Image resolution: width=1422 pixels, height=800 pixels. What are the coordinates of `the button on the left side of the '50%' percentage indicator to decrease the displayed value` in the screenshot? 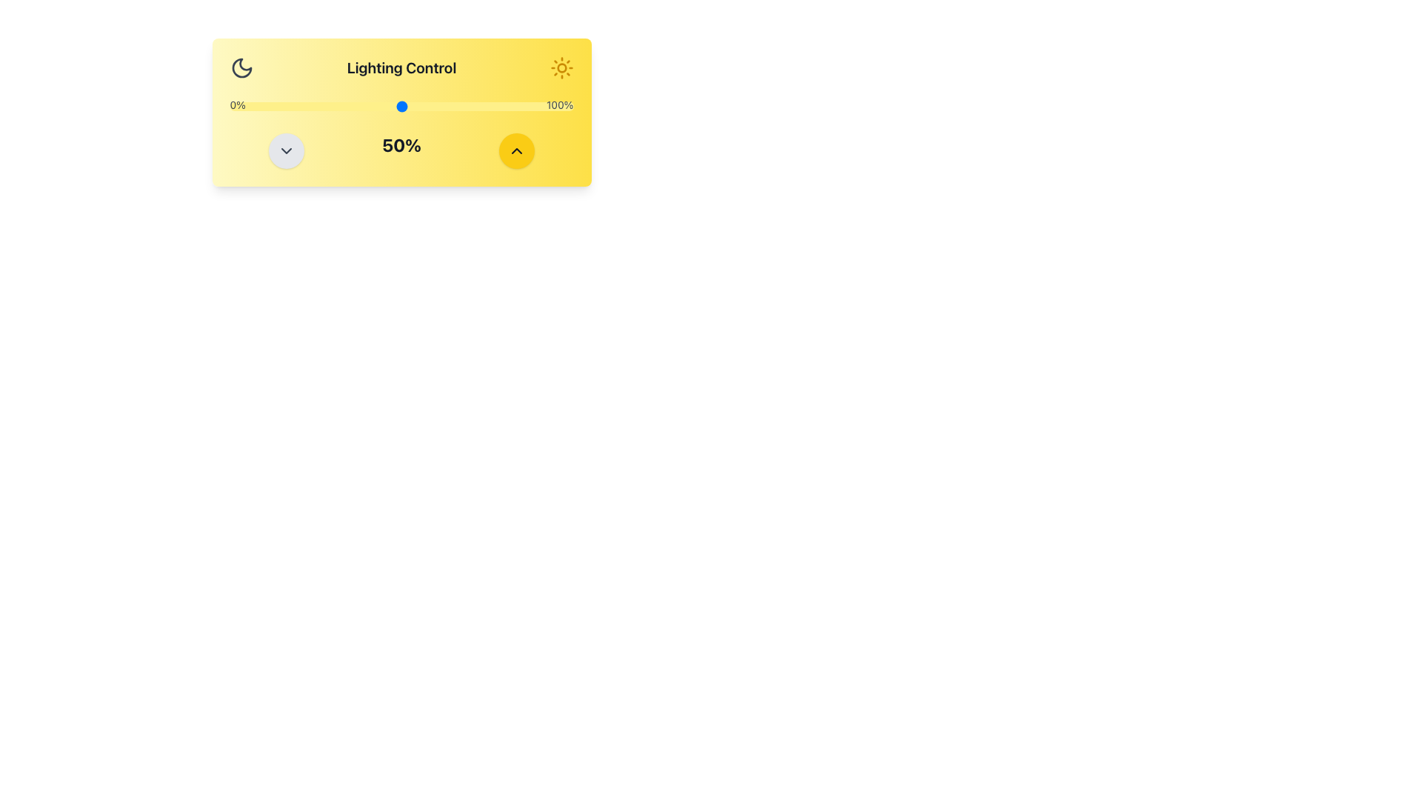 It's located at (286, 151).